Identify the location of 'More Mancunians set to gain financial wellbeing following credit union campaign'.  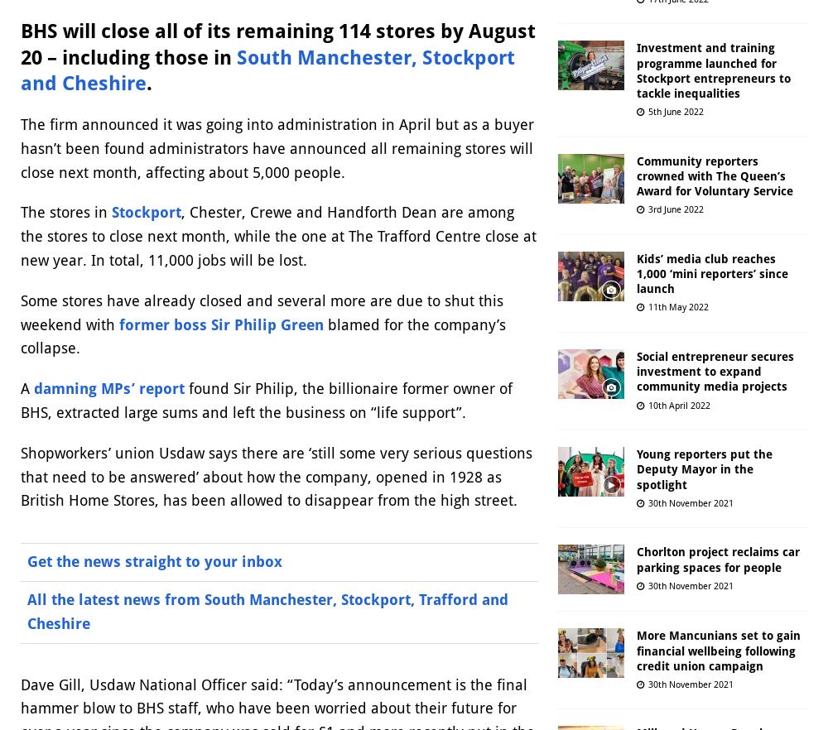
(718, 651).